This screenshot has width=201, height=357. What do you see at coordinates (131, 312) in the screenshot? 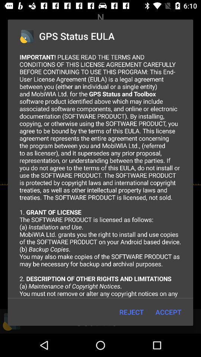
I see `the item next to accept item` at bounding box center [131, 312].